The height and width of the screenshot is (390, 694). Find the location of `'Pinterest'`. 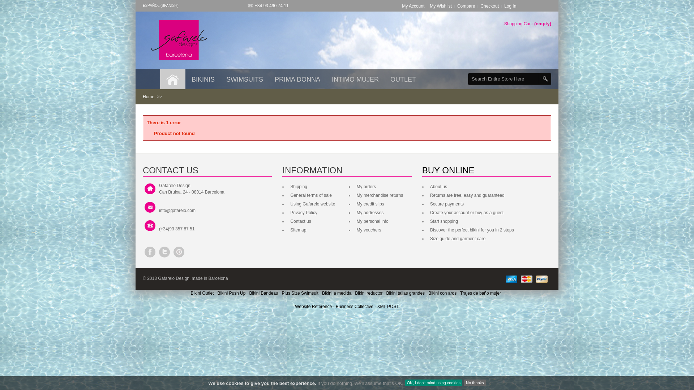

'Pinterest' is located at coordinates (179, 252).